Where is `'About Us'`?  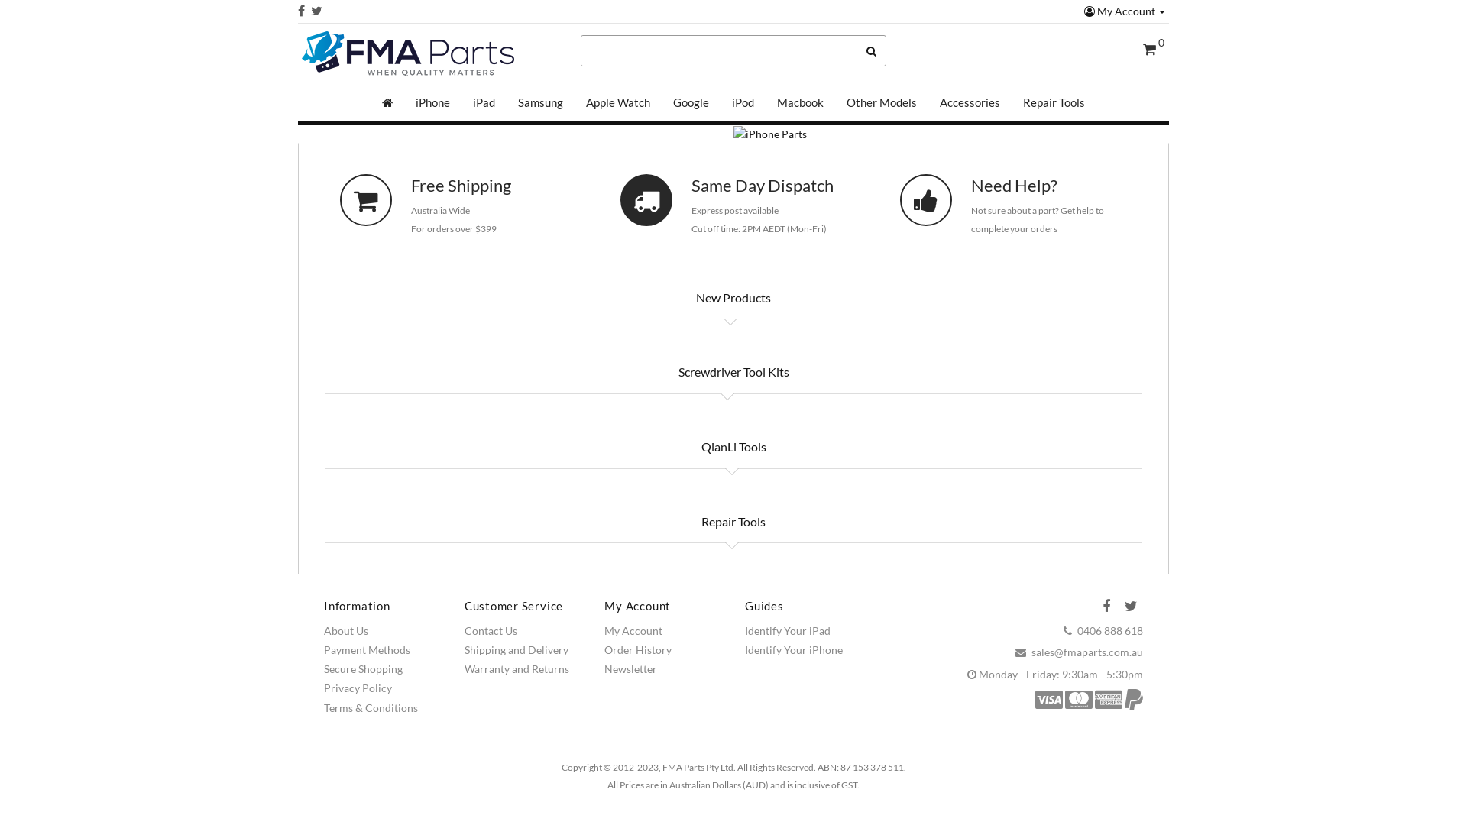 'About Us' is located at coordinates (345, 630).